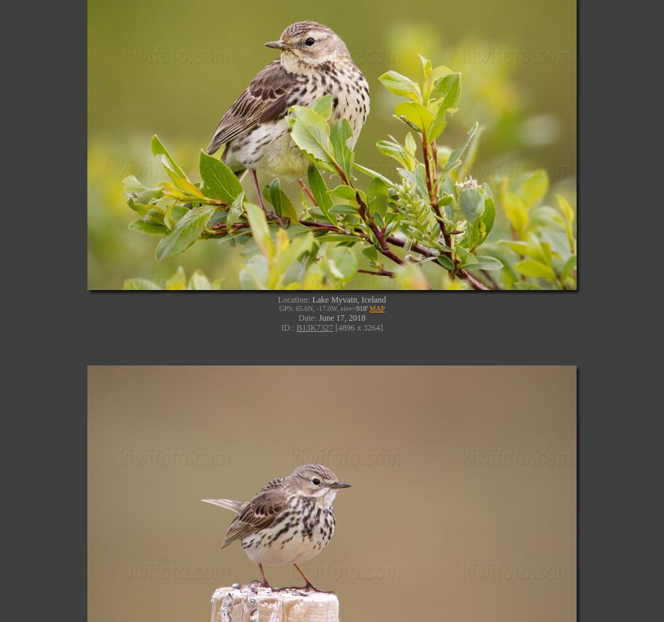  I want to click on 'June  17, 2018', so click(318, 317).